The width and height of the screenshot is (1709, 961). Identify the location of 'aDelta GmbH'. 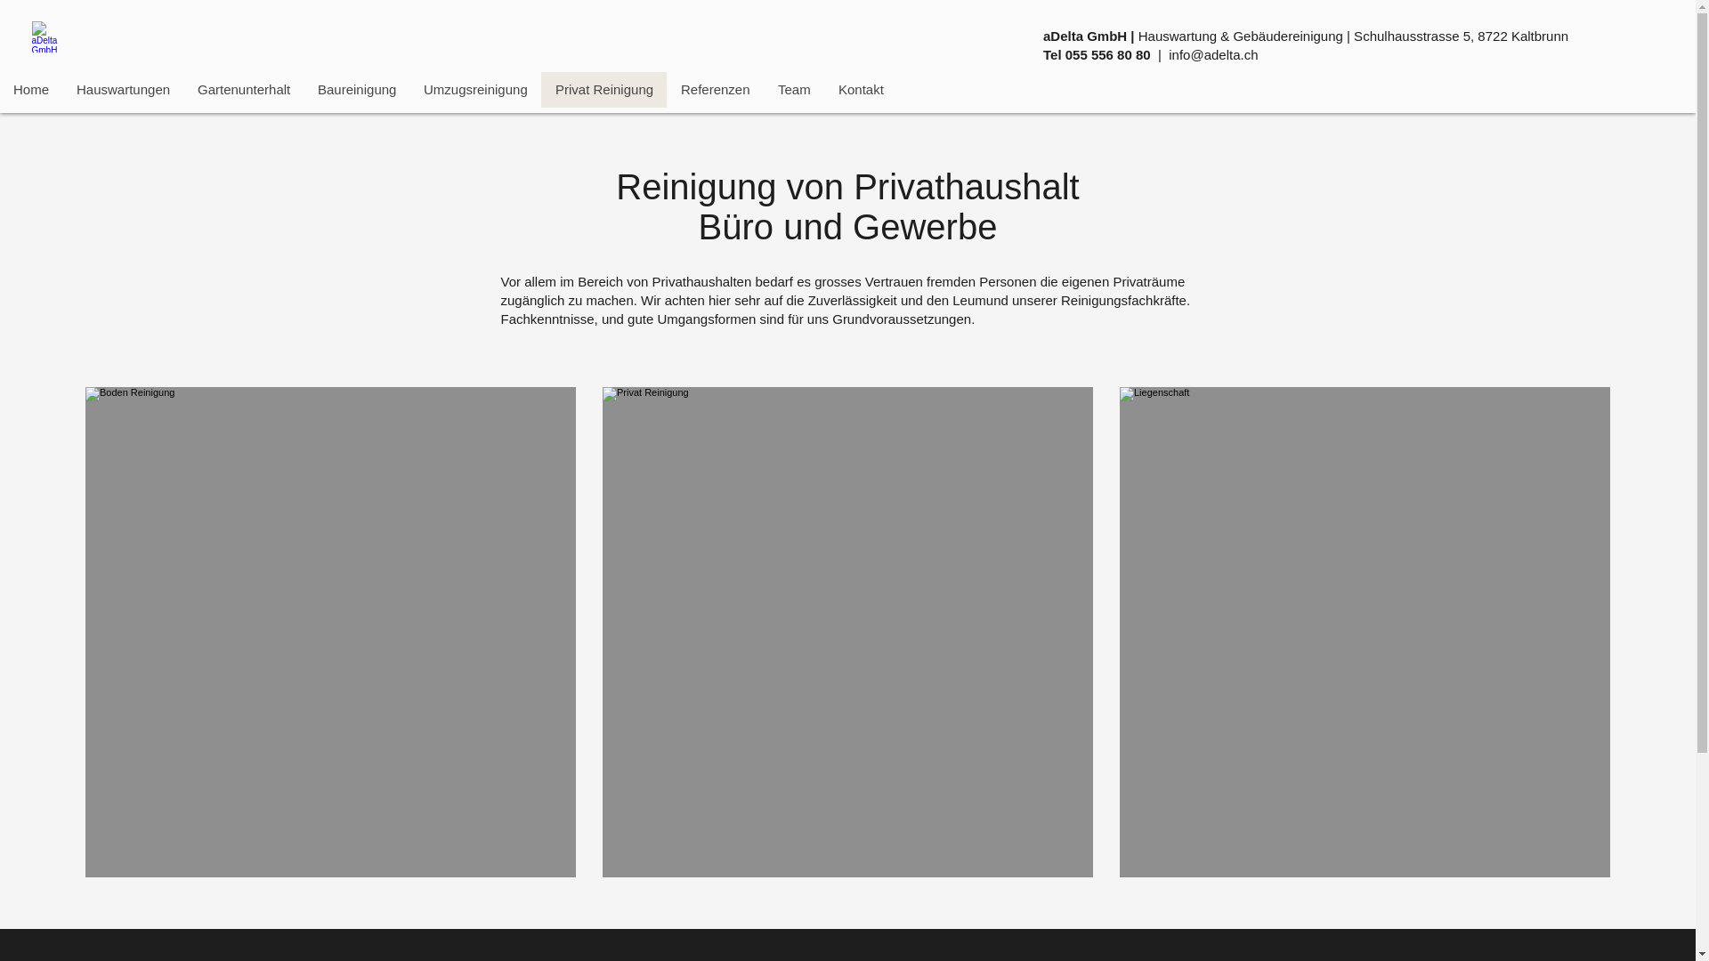
(48, 36).